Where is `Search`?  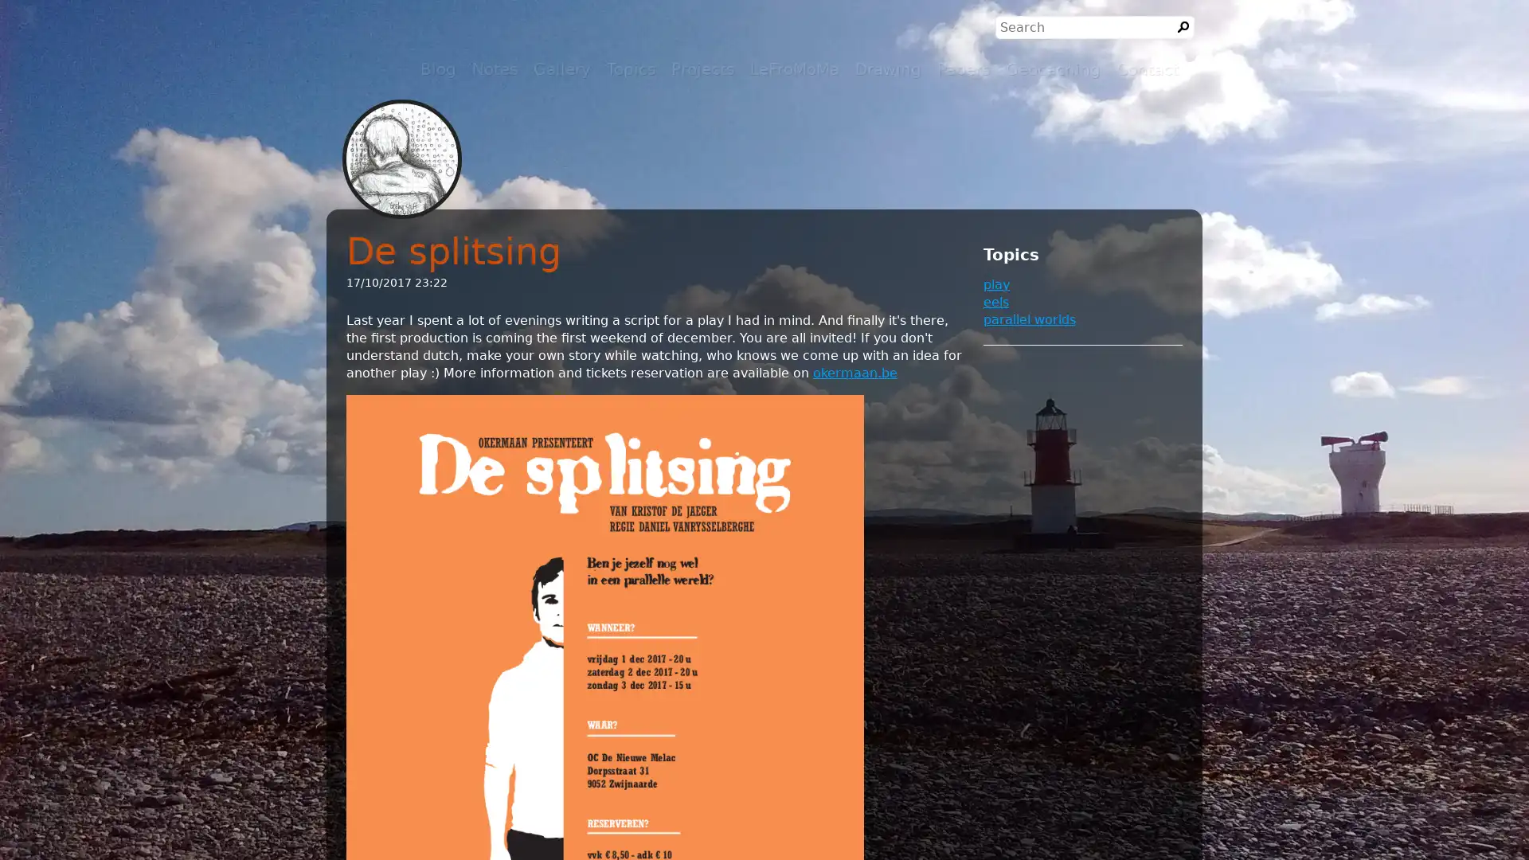
Search is located at coordinates (1183, 27).